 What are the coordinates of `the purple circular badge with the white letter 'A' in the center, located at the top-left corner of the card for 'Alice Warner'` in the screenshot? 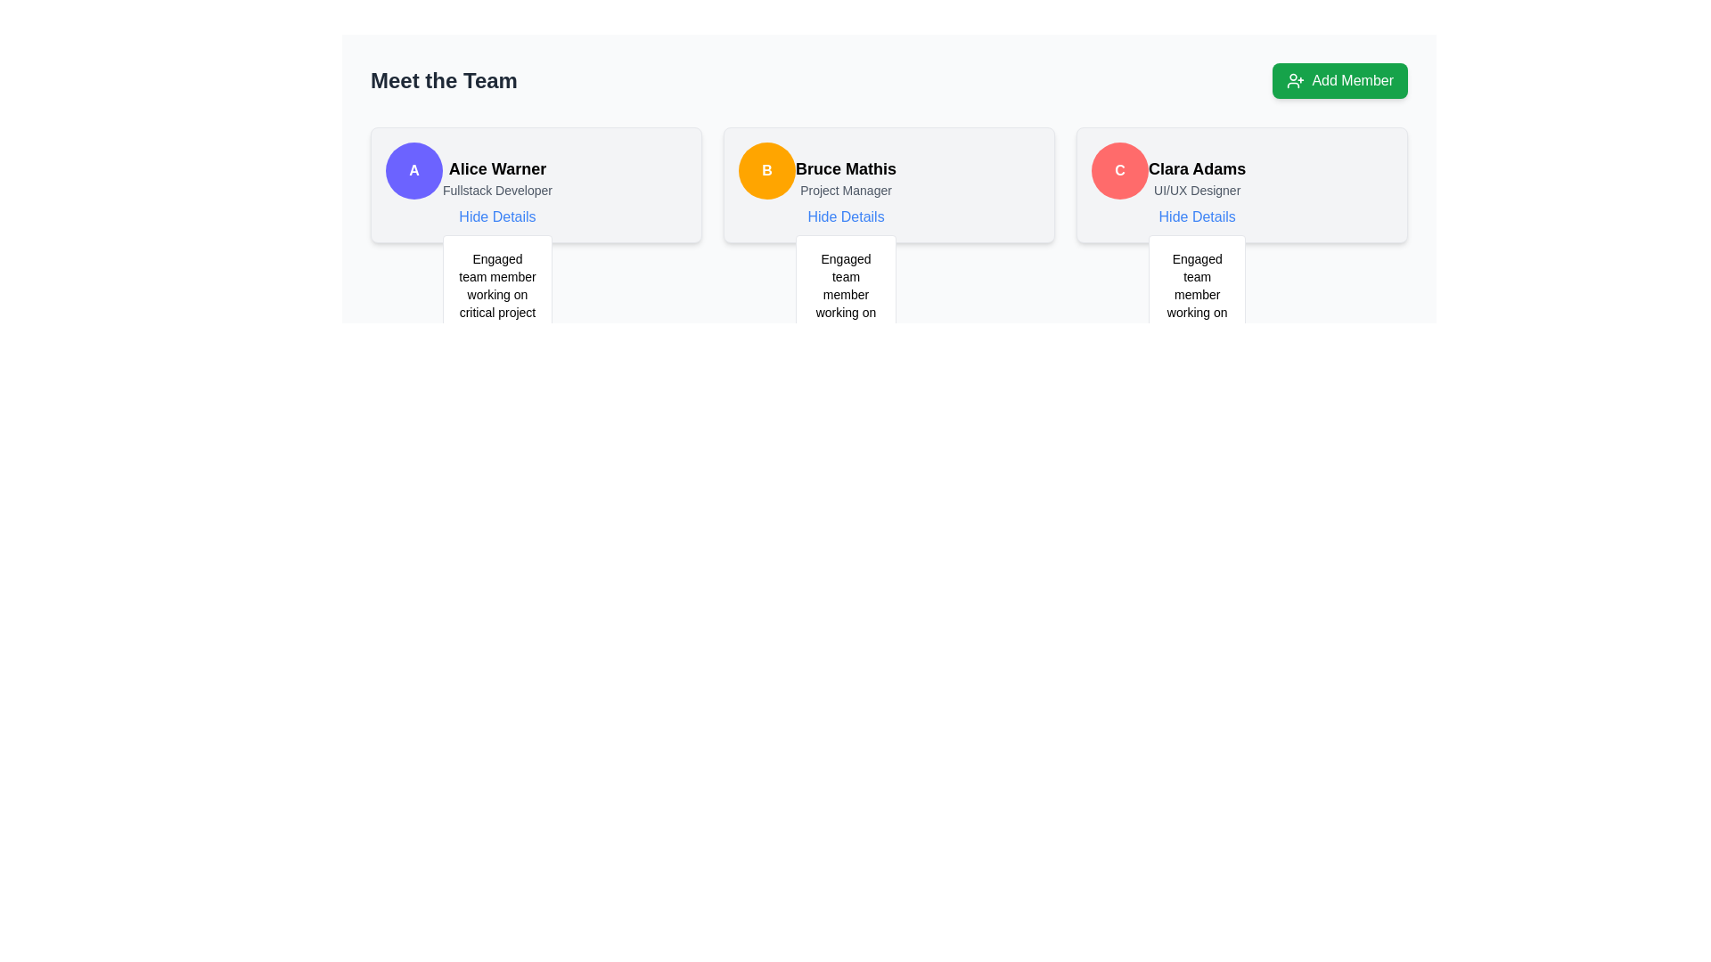 It's located at (413, 171).